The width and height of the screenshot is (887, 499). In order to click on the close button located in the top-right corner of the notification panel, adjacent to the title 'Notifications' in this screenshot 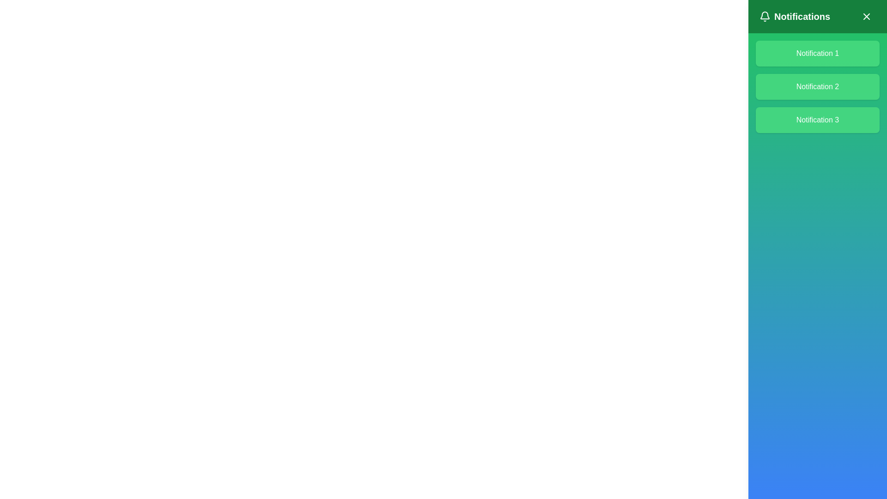, I will do `click(866, 16)`.